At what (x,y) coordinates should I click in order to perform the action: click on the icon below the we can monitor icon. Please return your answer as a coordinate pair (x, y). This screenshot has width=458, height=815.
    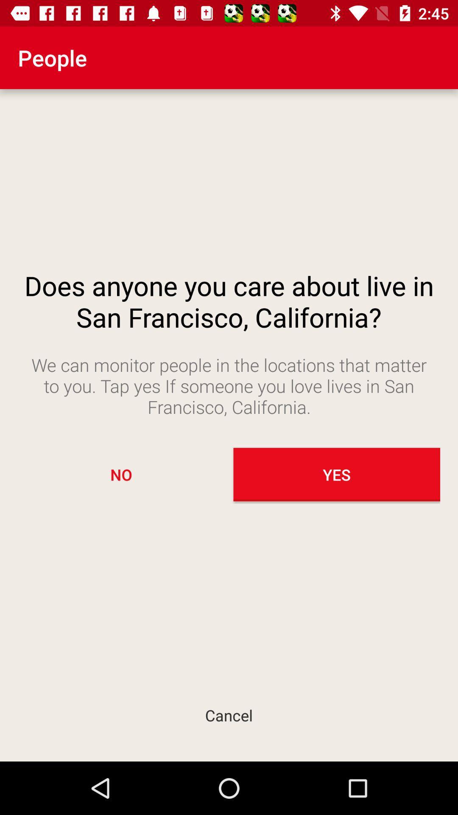
    Looking at the image, I should click on (121, 474).